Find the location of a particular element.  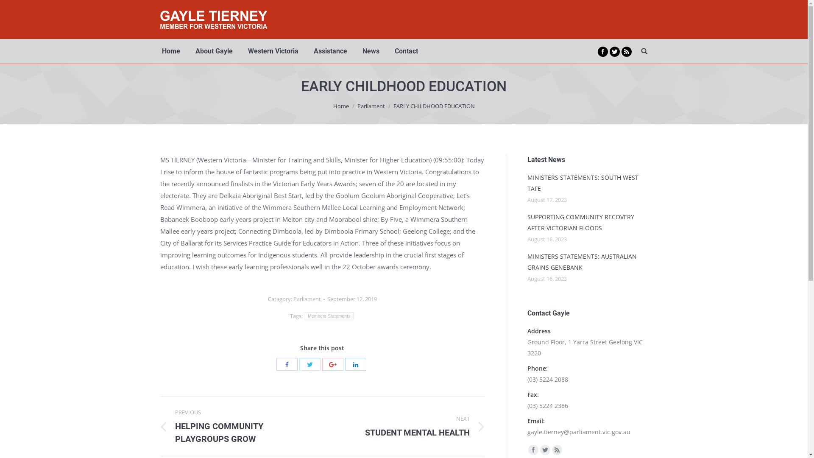

'Facebook' is located at coordinates (532, 449).